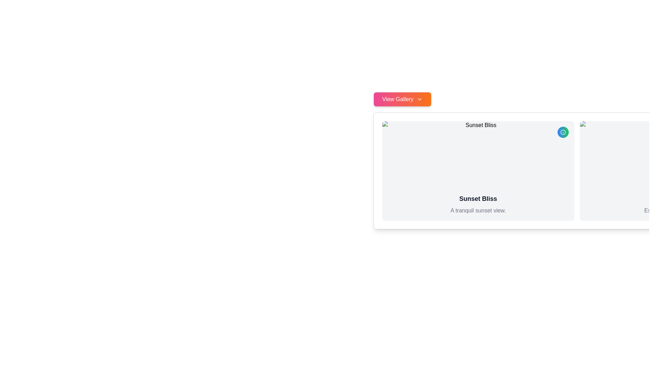 The width and height of the screenshot is (672, 378). What do you see at coordinates (563, 132) in the screenshot?
I see `the graphical element within the SVG icon that conveys information, positioned at the center of the icon` at bounding box center [563, 132].